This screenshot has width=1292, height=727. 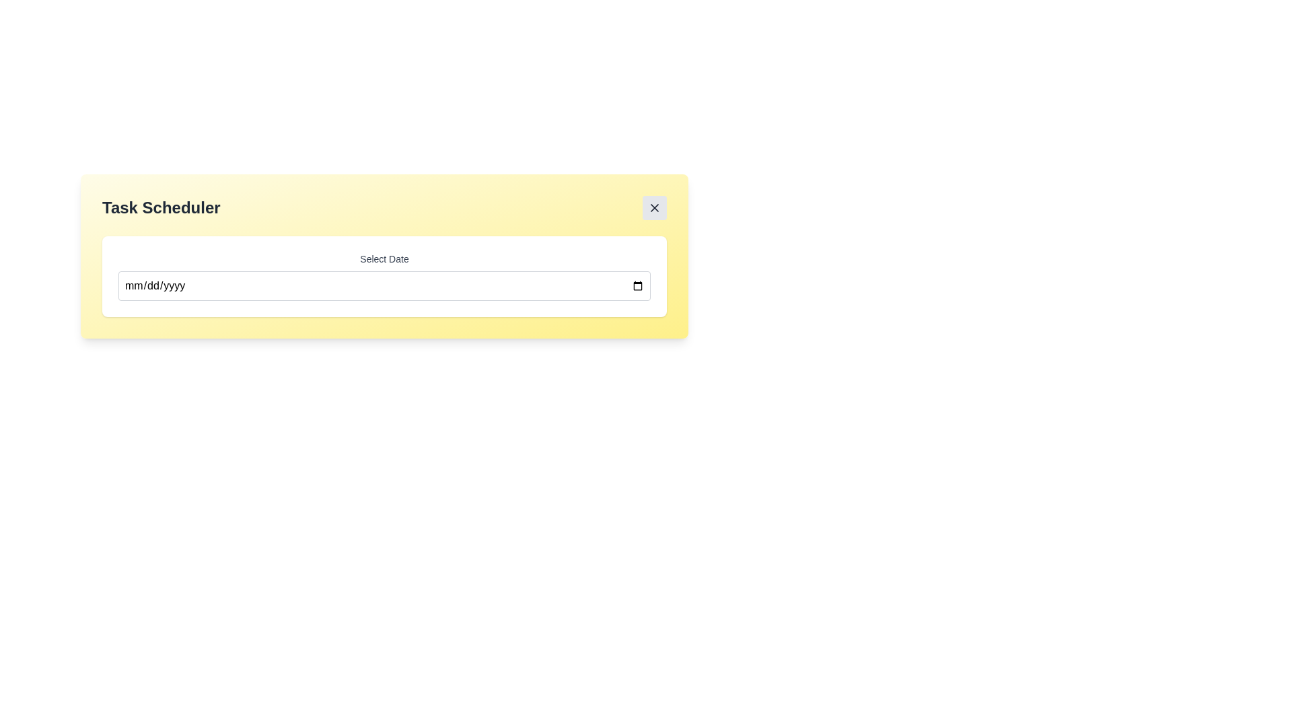 What do you see at coordinates (384, 207) in the screenshot?
I see `the 'Task Scheduler' header section for accessibility purposes` at bounding box center [384, 207].